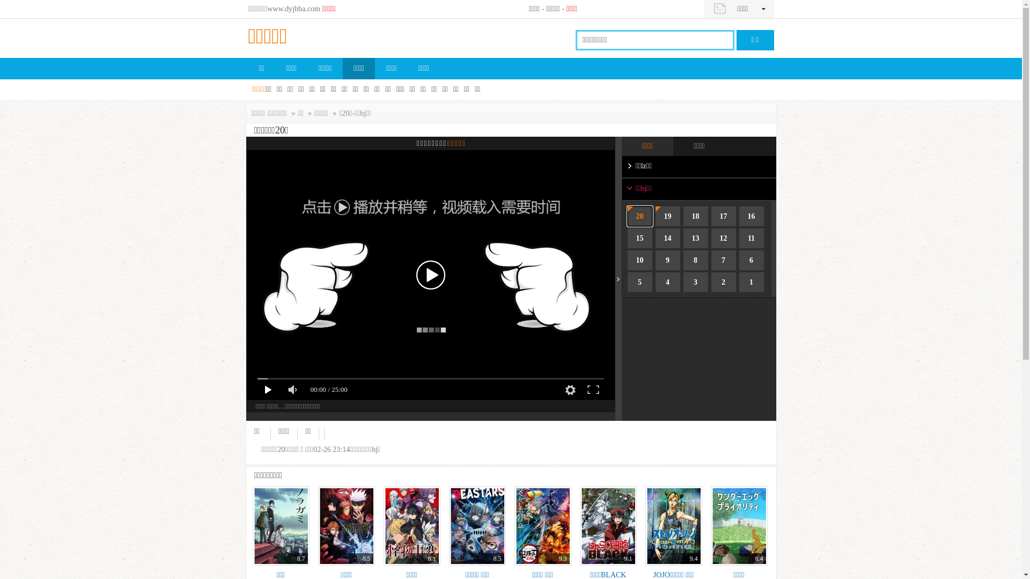 Image resolution: width=1030 pixels, height=579 pixels. What do you see at coordinates (723, 237) in the screenshot?
I see `'12'` at bounding box center [723, 237].